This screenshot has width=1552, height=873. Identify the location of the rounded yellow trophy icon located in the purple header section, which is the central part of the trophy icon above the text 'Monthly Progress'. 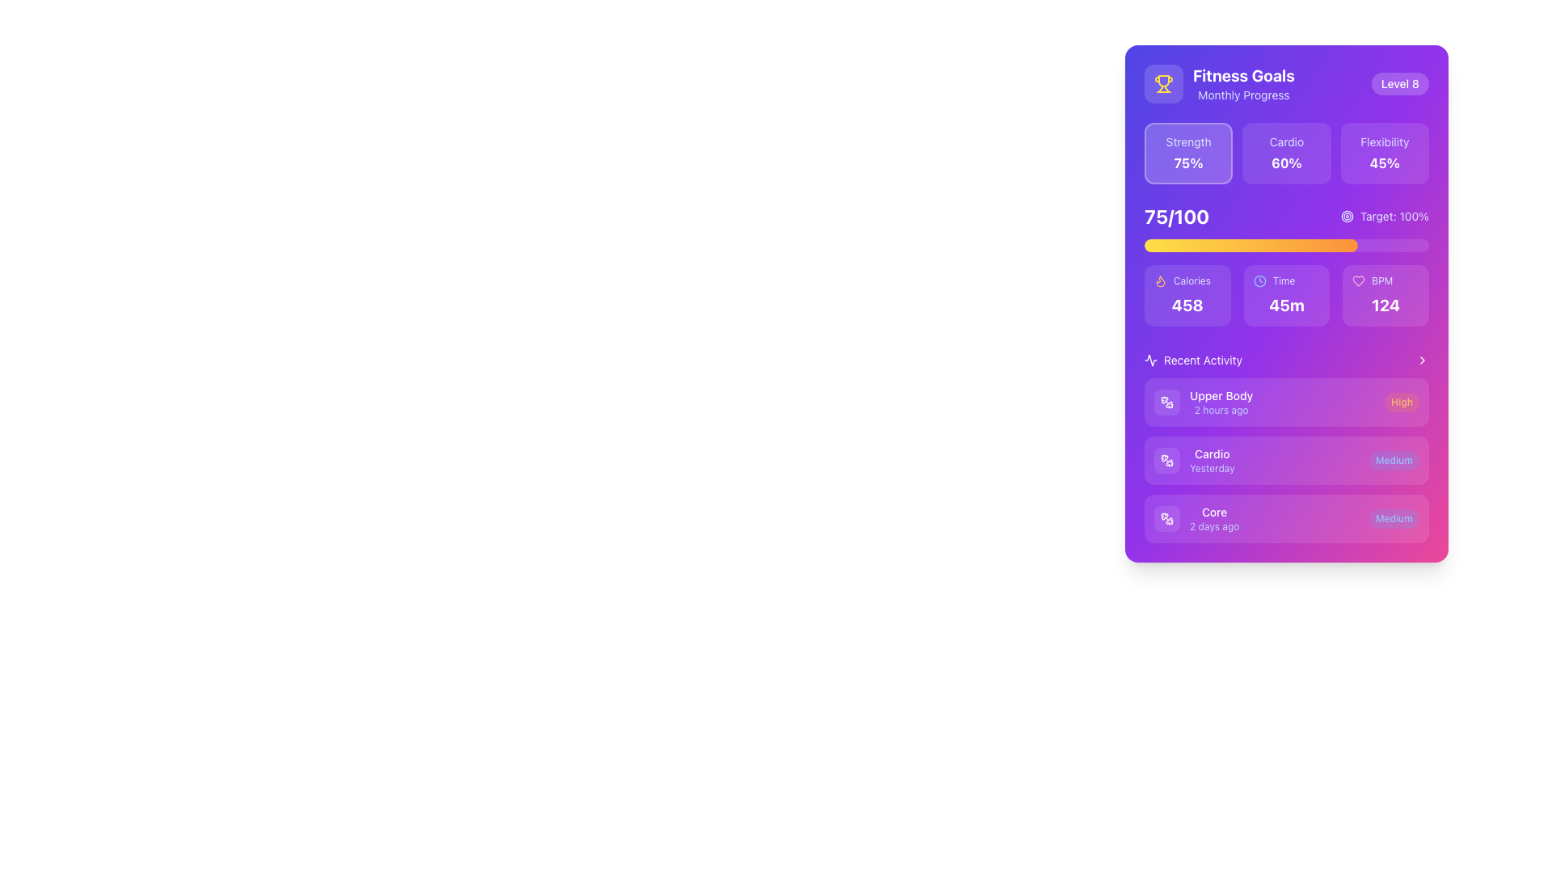
(1164, 81).